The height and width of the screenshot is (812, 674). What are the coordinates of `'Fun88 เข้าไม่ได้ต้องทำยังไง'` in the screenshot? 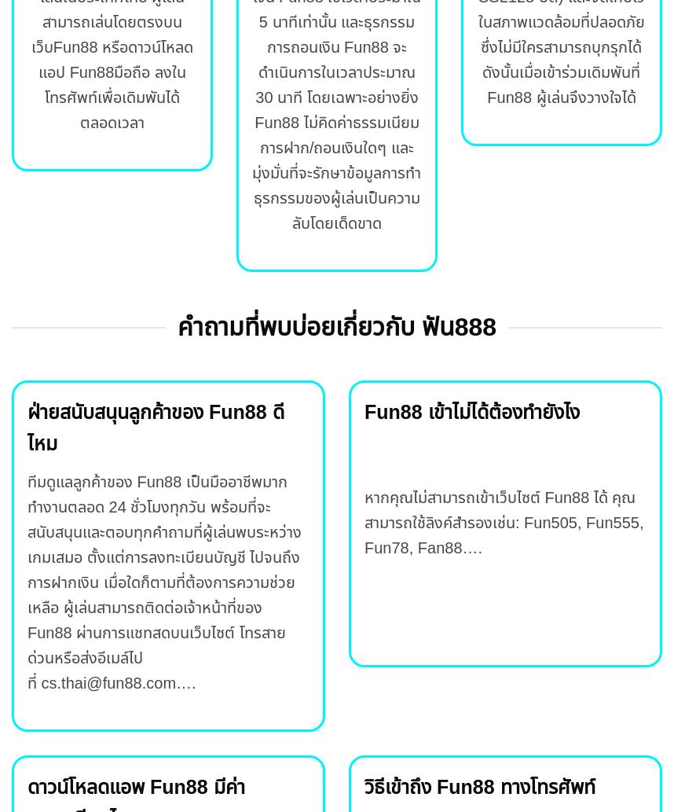 It's located at (471, 411).